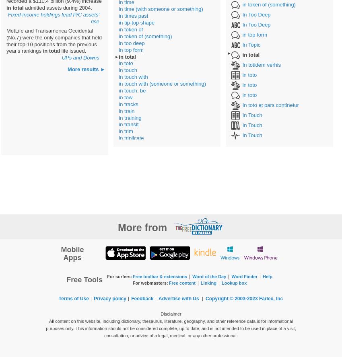 The width and height of the screenshot is (342, 357). What do you see at coordinates (232, 298) in the screenshot?
I see `'Copyright © 2003-2023'` at bounding box center [232, 298].